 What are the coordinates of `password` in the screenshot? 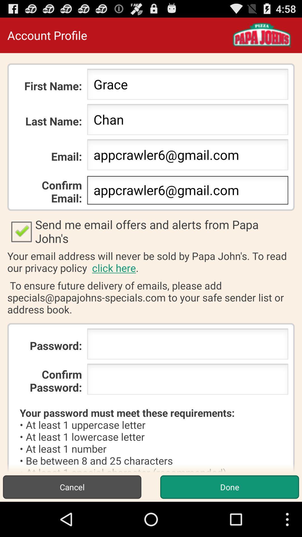 It's located at (188, 345).